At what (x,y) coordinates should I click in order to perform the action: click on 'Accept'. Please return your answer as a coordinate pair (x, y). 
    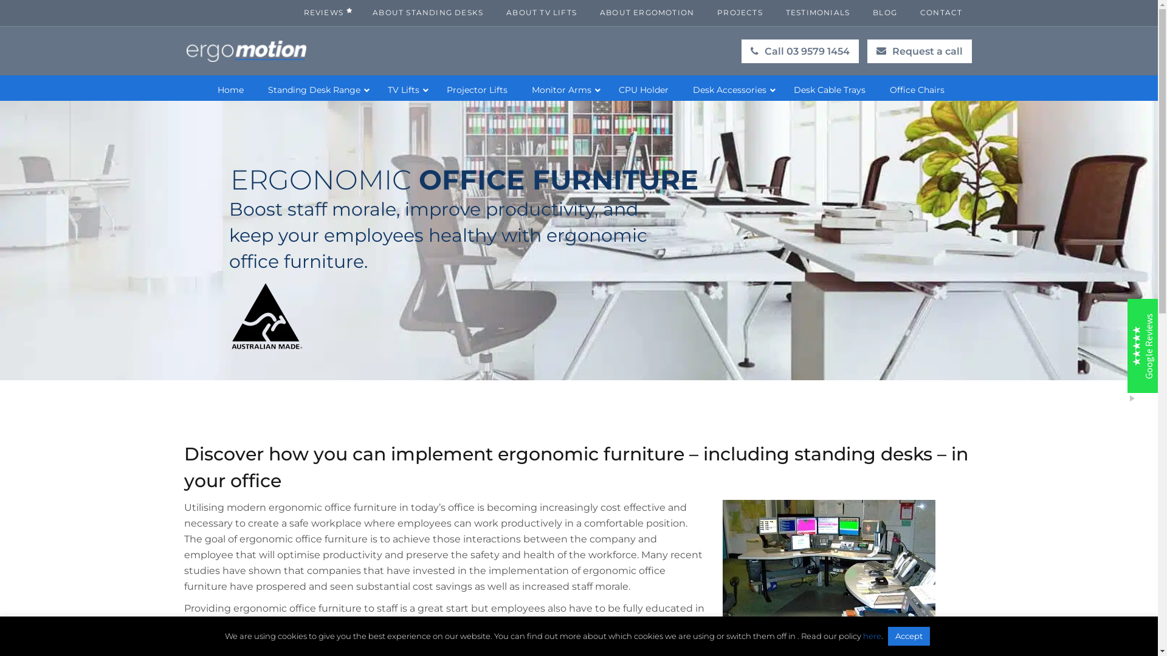
    Looking at the image, I should click on (887, 635).